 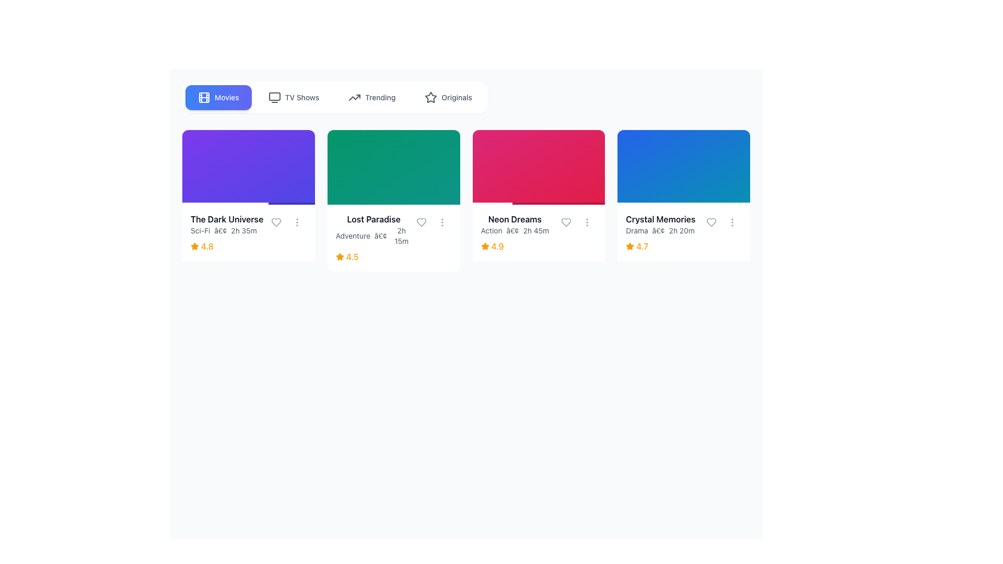 I want to click on the text label 'Drama' located in the fourth card from the left in the Movies section, positioned under the title 'Crystal Memories', so click(x=636, y=230).